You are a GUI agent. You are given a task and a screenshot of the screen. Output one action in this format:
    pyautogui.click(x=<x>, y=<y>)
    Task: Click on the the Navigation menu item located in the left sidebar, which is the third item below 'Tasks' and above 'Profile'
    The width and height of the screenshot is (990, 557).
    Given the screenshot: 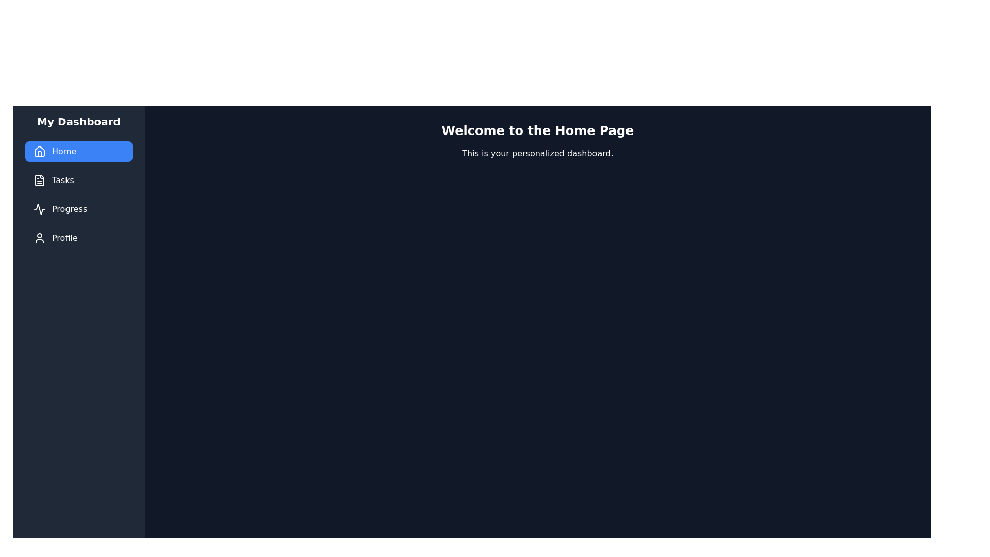 What is the action you would take?
    pyautogui.click(x=78, y=209)
    